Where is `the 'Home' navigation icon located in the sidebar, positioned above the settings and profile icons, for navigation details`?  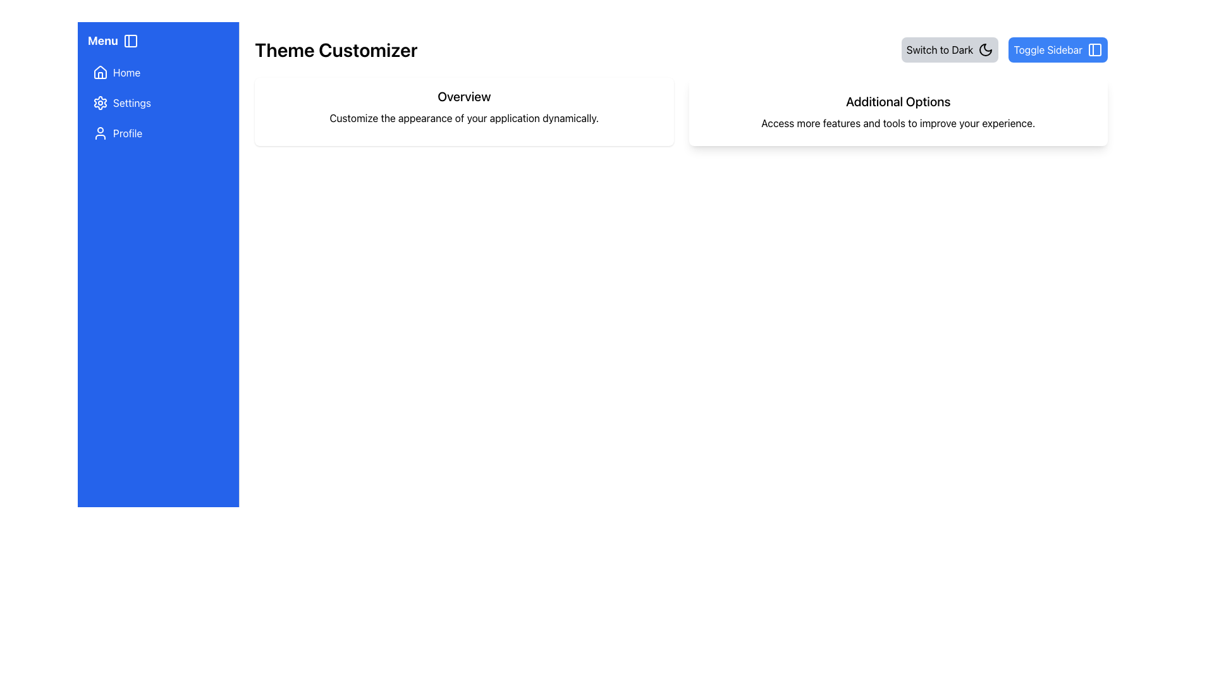 the 'Home' navigation icon located in the sidebar, positioned above the settings and profile icons, for navigation details is located at coordinates (99, 72).